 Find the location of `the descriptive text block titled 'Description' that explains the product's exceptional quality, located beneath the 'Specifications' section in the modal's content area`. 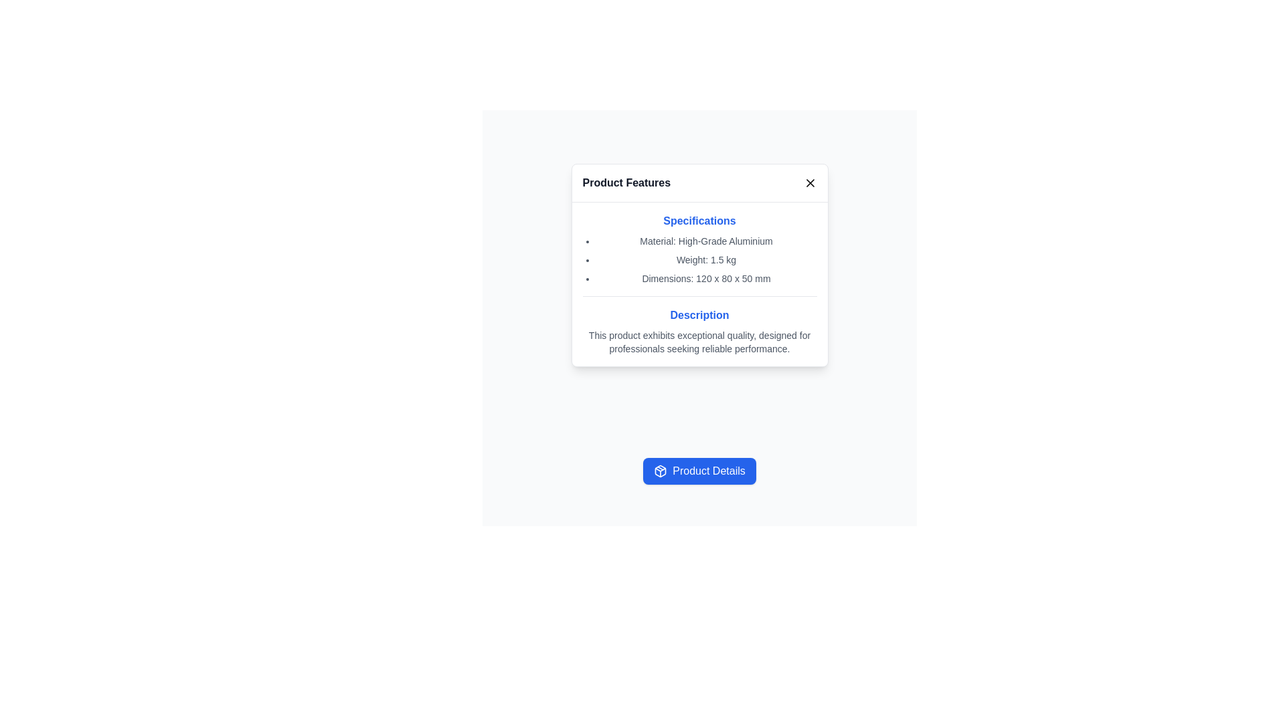

the descriptive text block titled 'Description' that explains the product's exceptional quality, located beneath the 'Specifications' section in the modal's content area is located at coordinates (699, 326).